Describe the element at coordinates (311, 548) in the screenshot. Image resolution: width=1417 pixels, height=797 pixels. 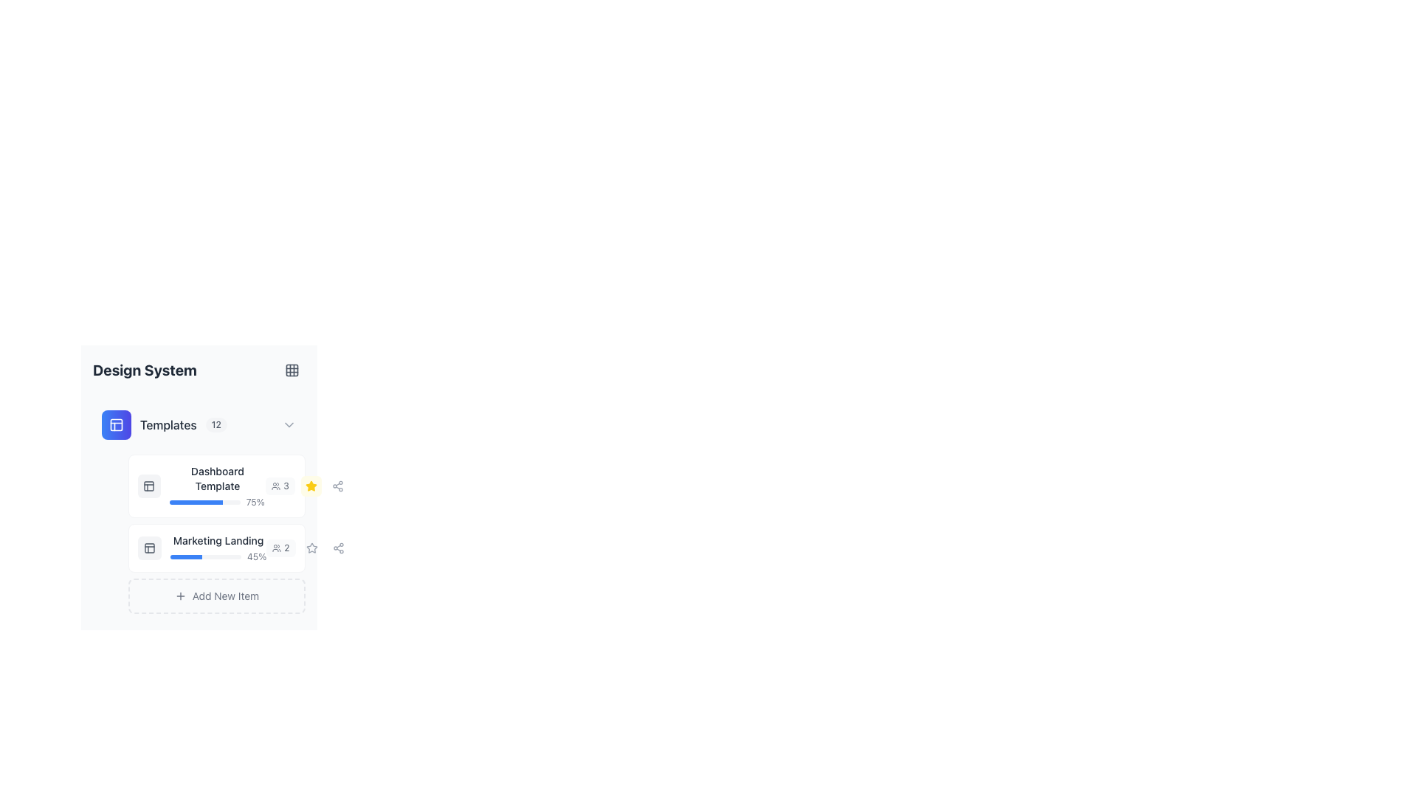
I see `the Icon button located immediately to the right of the 'Dashboard Template' entry in the 'Design System' list` at that location.